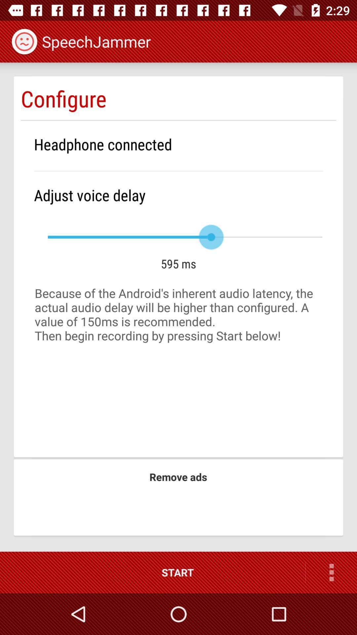  Describe the element at coordinates (152, 572) in the screenshot. I see `start item` at that location.